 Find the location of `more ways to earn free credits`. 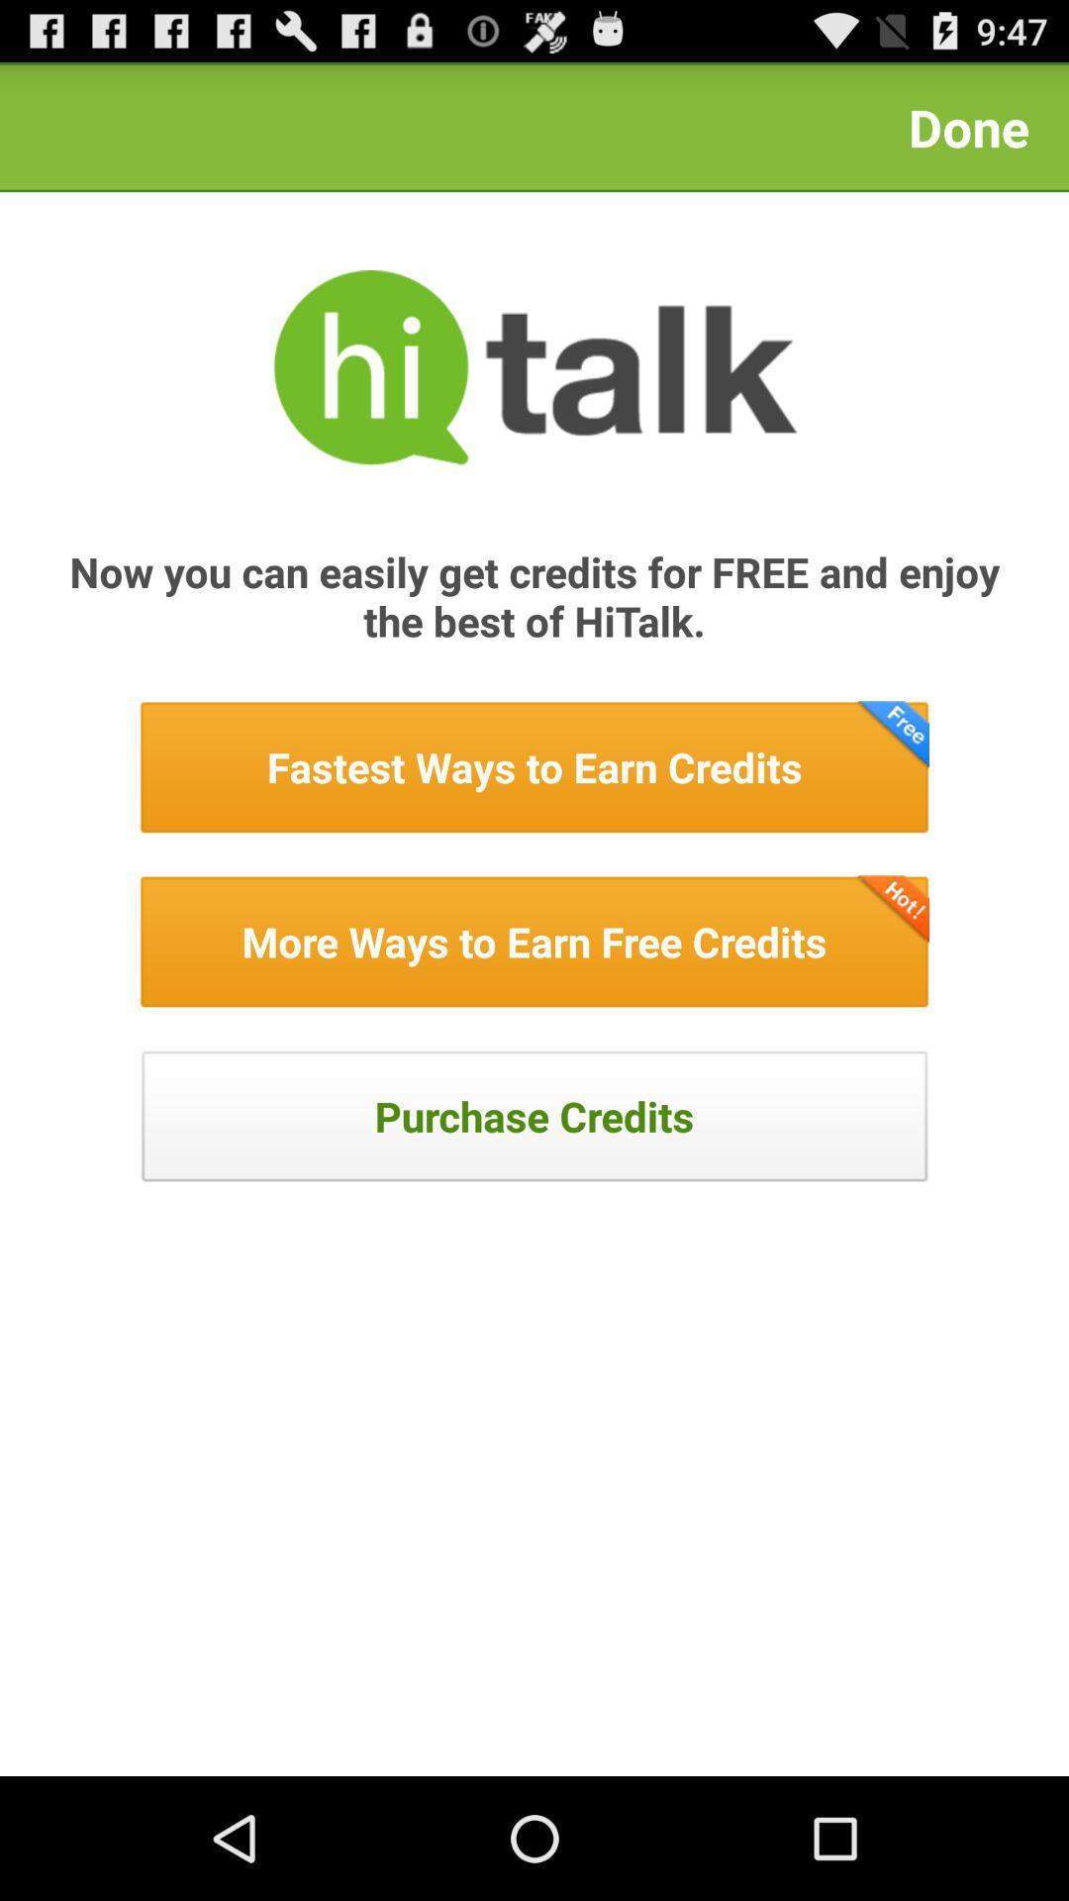

more ways to earn free credits is located at coordinates (534, 941).